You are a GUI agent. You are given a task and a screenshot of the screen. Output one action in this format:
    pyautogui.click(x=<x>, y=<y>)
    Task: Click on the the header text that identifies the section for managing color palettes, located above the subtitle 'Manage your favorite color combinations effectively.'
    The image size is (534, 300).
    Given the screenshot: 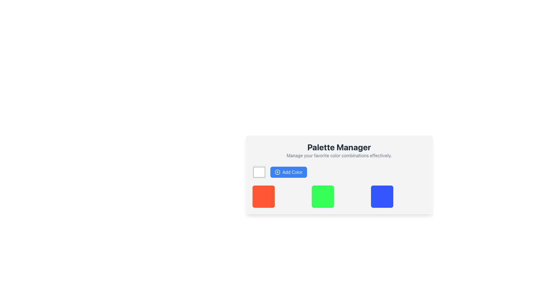 What is the action you would take?
    pyautogui.click(x=339, y=147)
    